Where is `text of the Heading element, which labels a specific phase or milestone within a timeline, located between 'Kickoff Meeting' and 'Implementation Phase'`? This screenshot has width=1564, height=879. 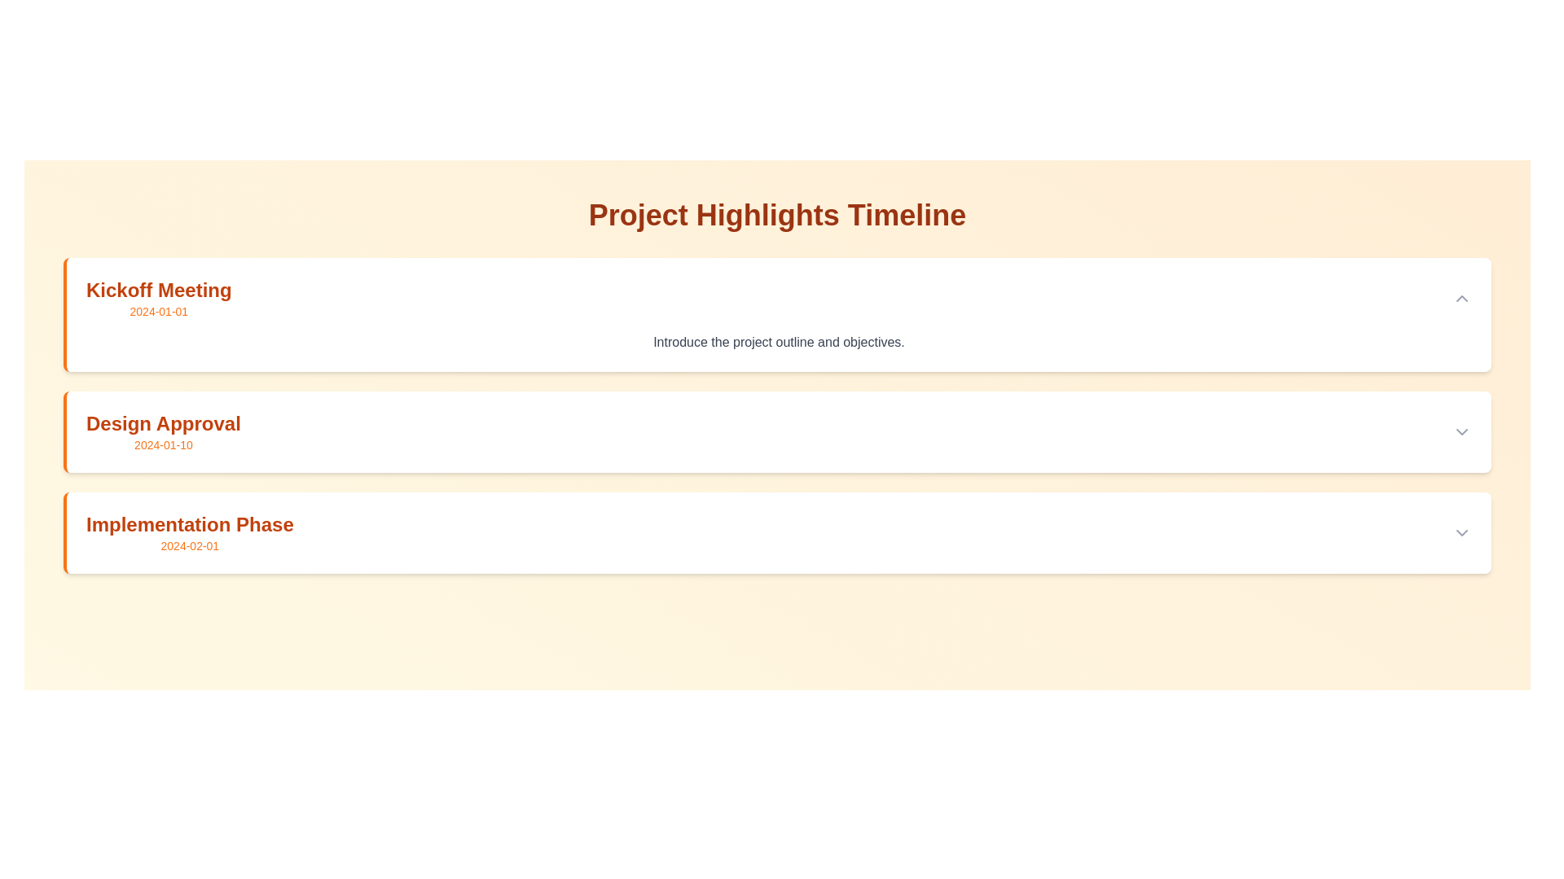 text of the Heading element, which labels a specific phase or milestone within a timeline, located between 'Kickoff Meeting' and 'Implementation Phase' is located at coordinates (163, 422).